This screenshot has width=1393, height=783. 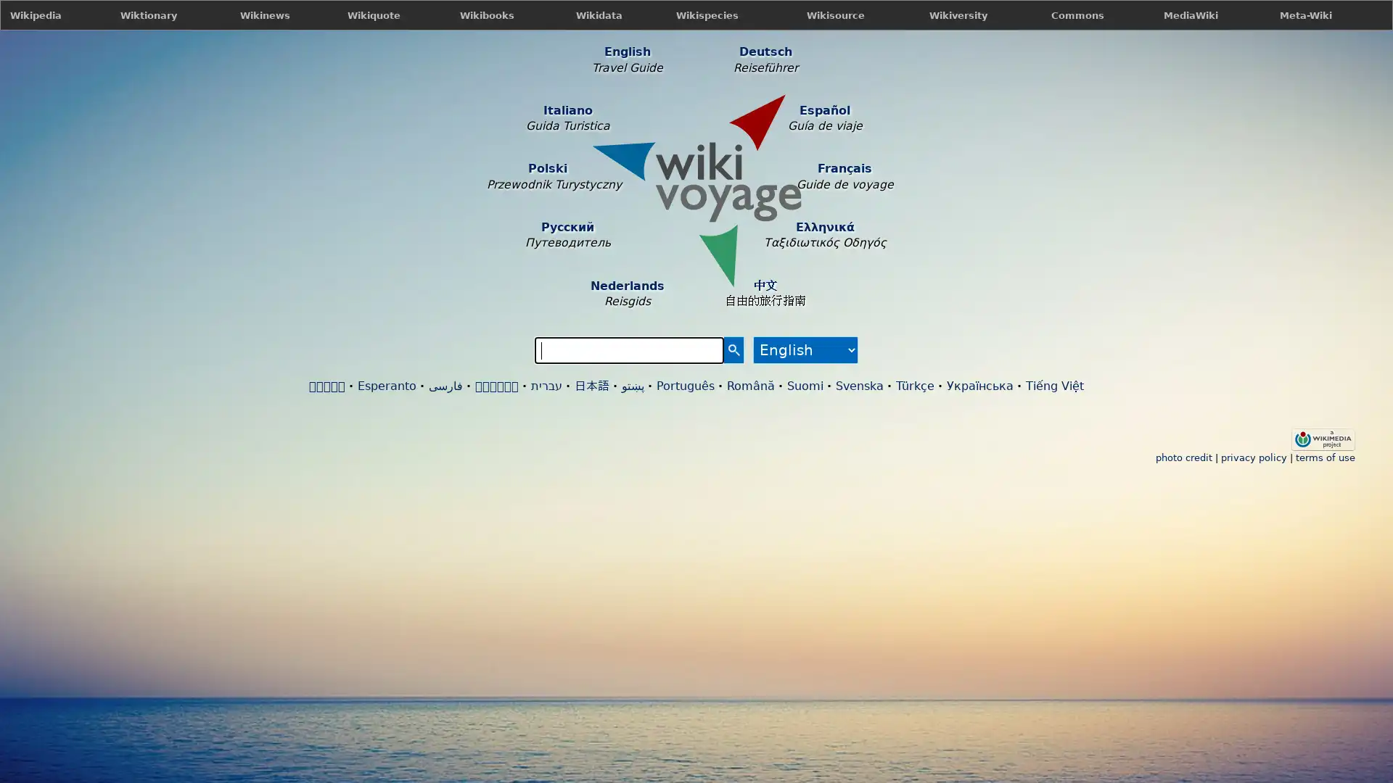 What do you see at coordinates (734, 349) in the screenshot?
I see `Search` at bounding box center [734, 349].